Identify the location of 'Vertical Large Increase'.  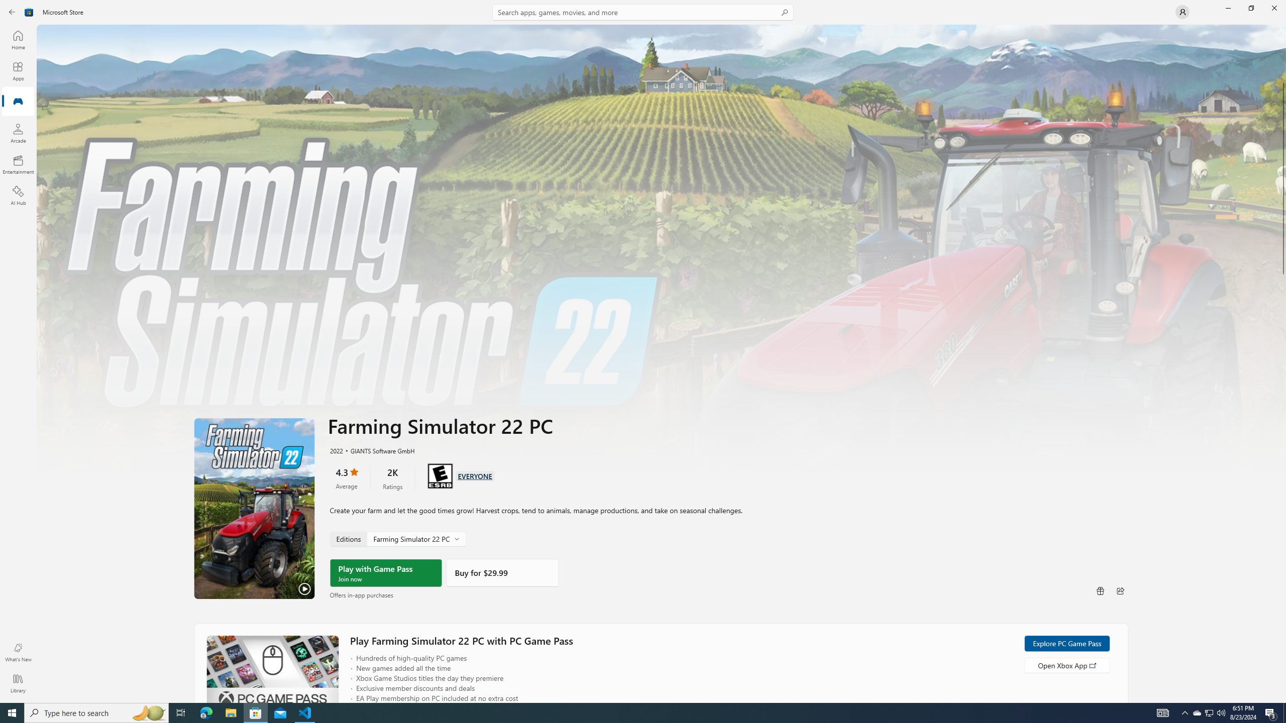
(1282, 485).